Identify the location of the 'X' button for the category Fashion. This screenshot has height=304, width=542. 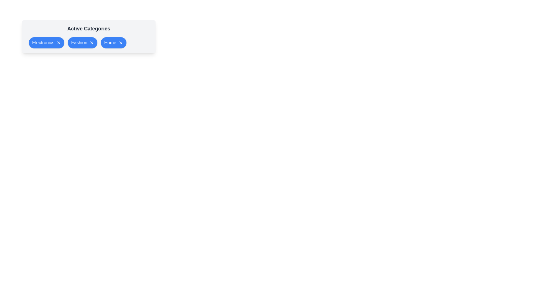
(92, 42).